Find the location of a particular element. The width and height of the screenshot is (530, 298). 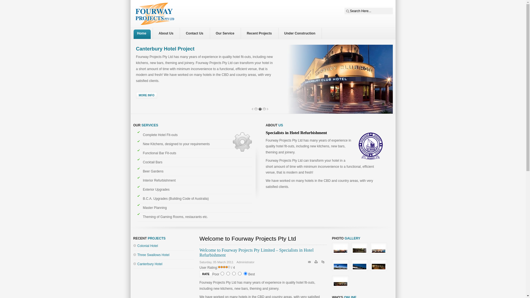

'Photo Gallery' is located at coordinates (379, 254).